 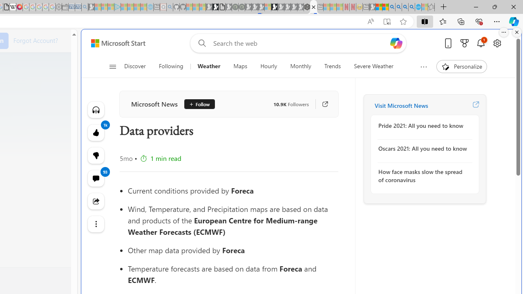 I want to click on 'Maps', so click(x=240, y=66).